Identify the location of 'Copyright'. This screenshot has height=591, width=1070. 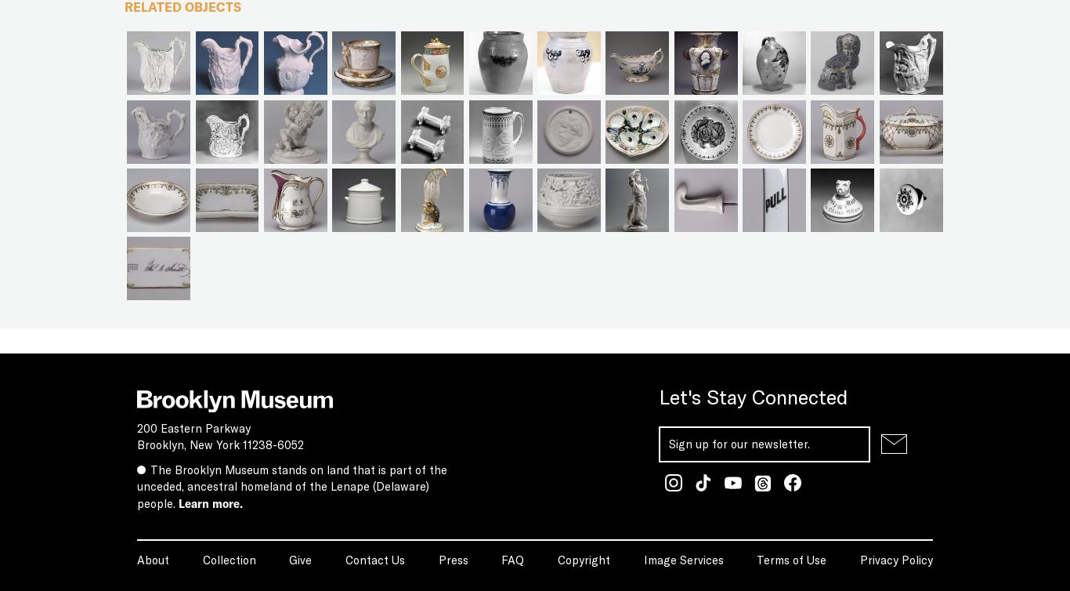
(583, 558).